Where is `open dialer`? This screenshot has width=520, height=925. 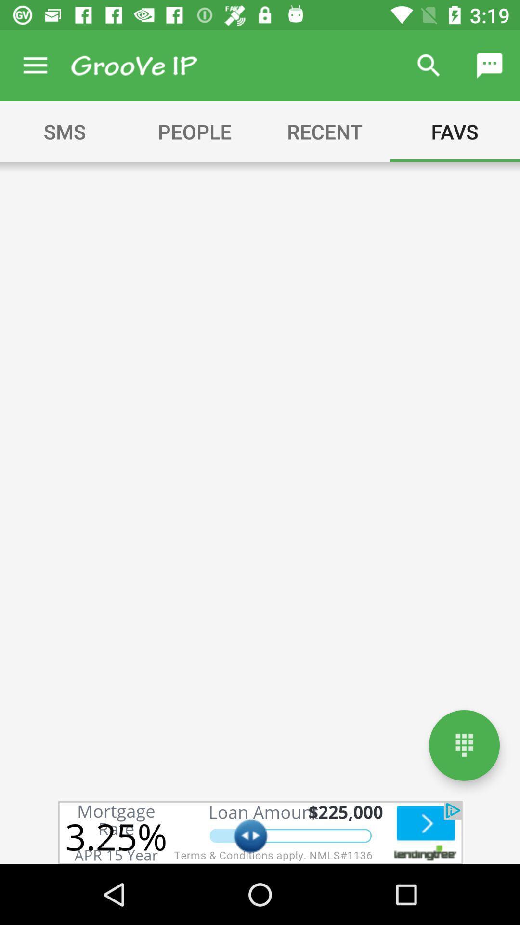 open dialer is located at coordinates (464, 745).